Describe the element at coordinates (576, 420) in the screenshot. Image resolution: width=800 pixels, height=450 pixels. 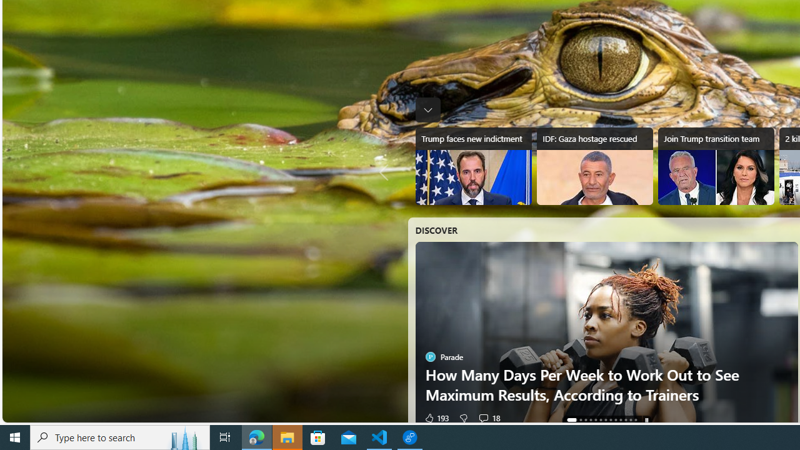
I see `'AutomationID: tab-1'` at that location.